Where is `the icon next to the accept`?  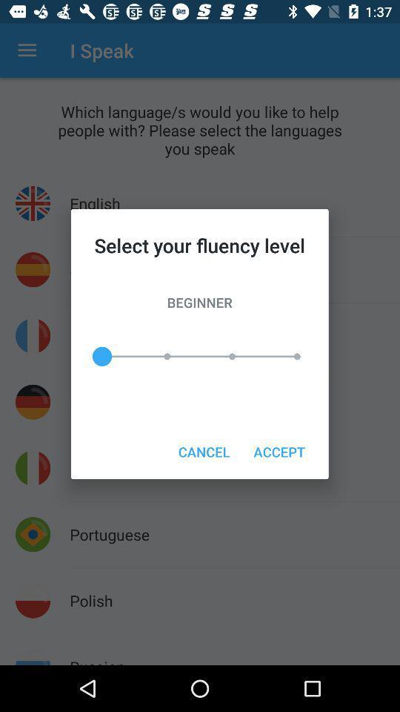 the icon next to the accept is located at coordinates (203, 451).